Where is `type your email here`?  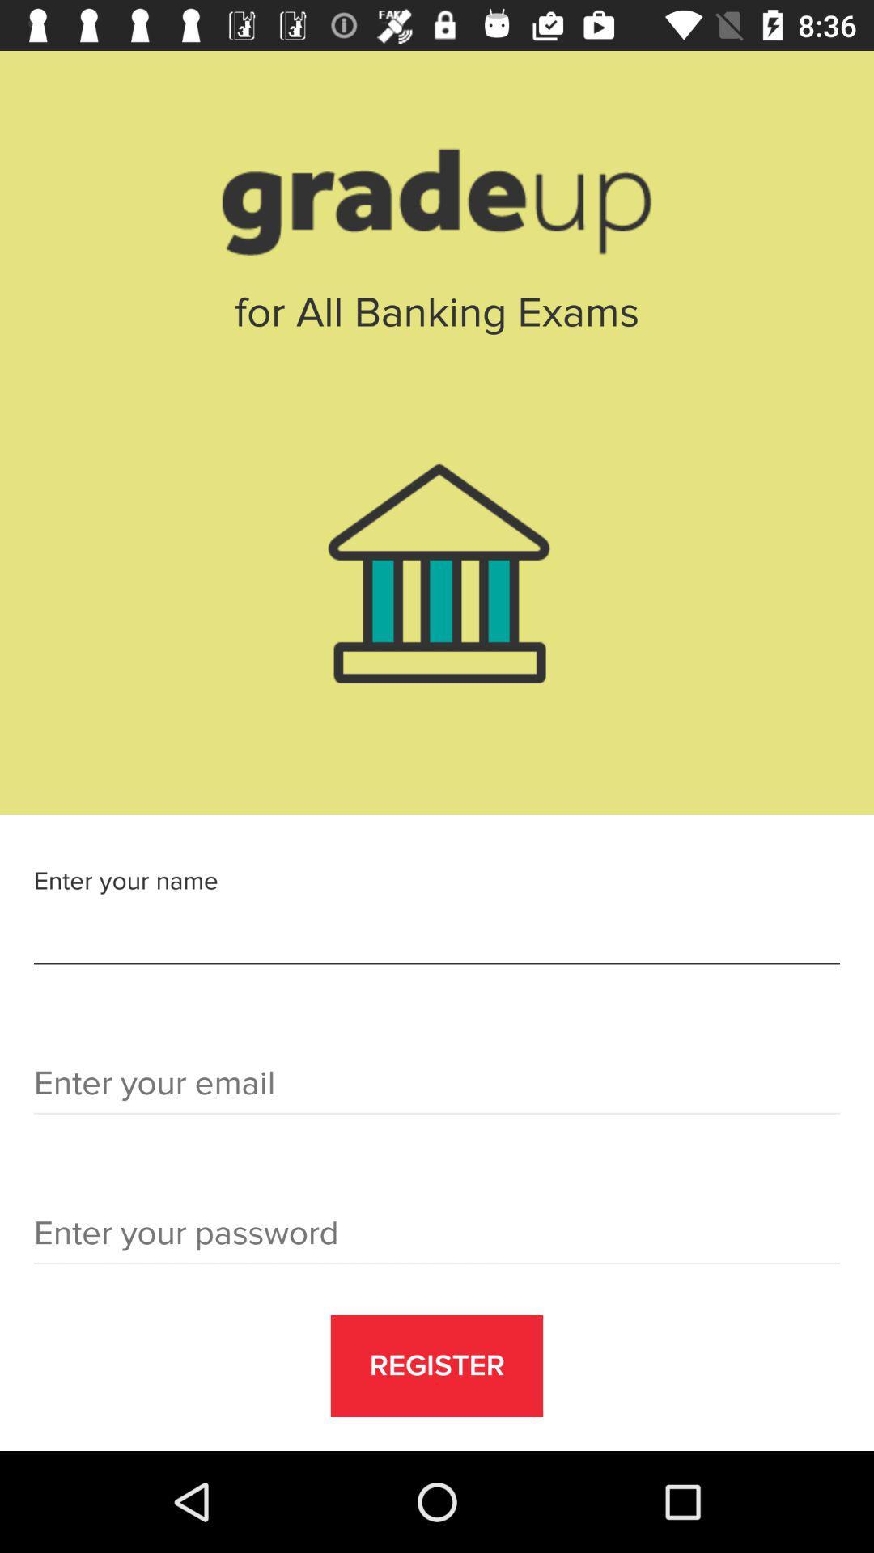
type your email here is located at coordinates (437, 1089).